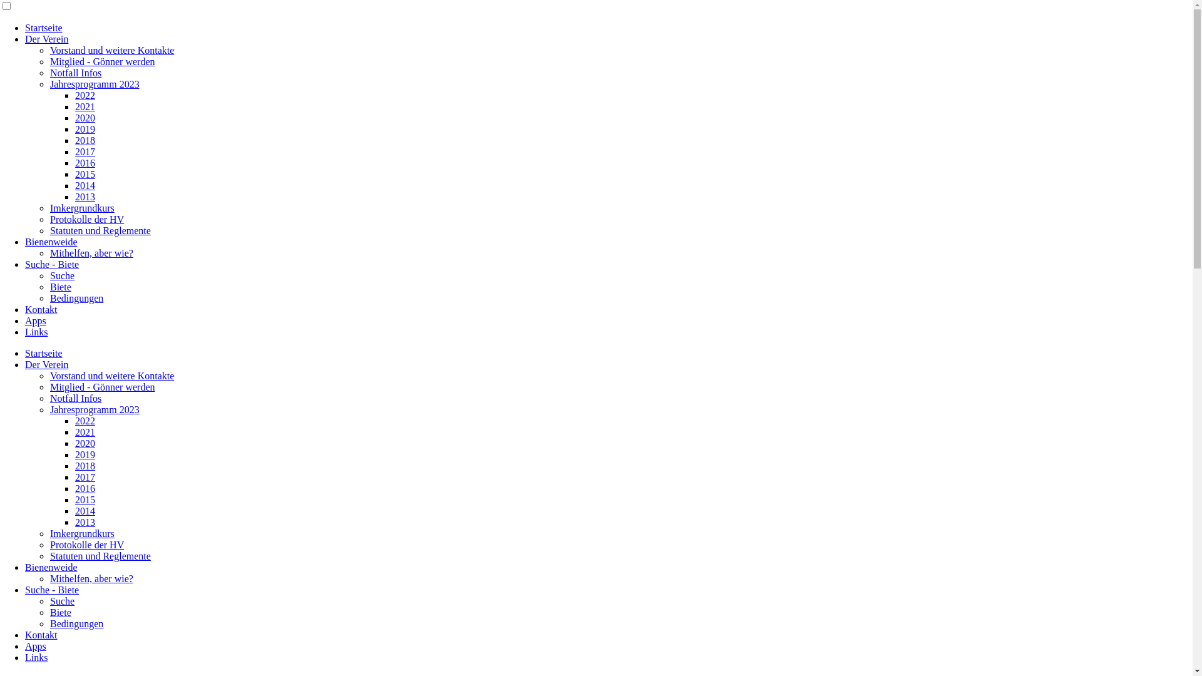 Image resolution: width=1202 pixels, height=676 pixels. I want to click on 'Apps', so click(24, 320).